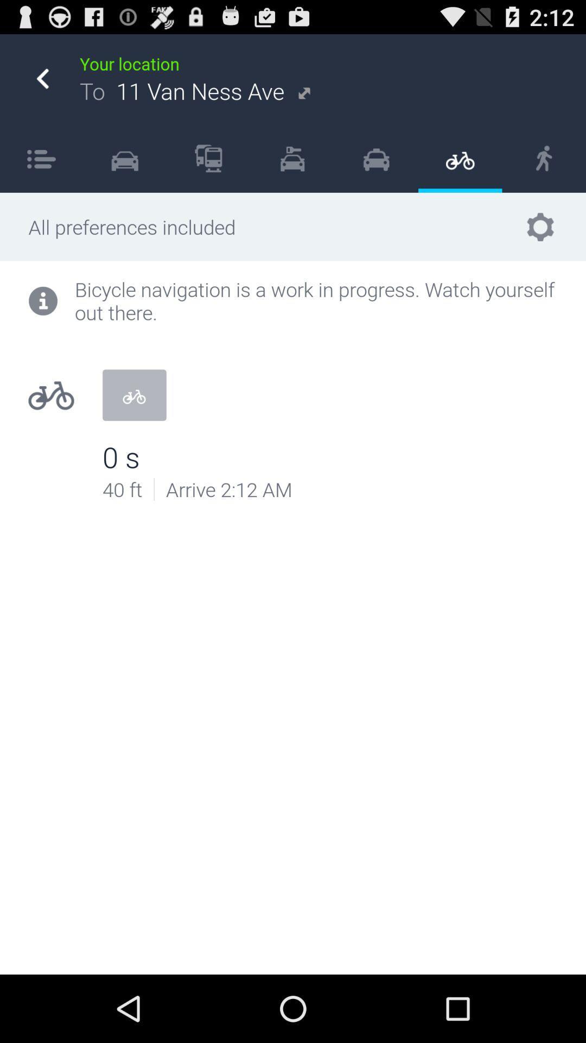  I want to click on icon next to the, so click(124, 158).